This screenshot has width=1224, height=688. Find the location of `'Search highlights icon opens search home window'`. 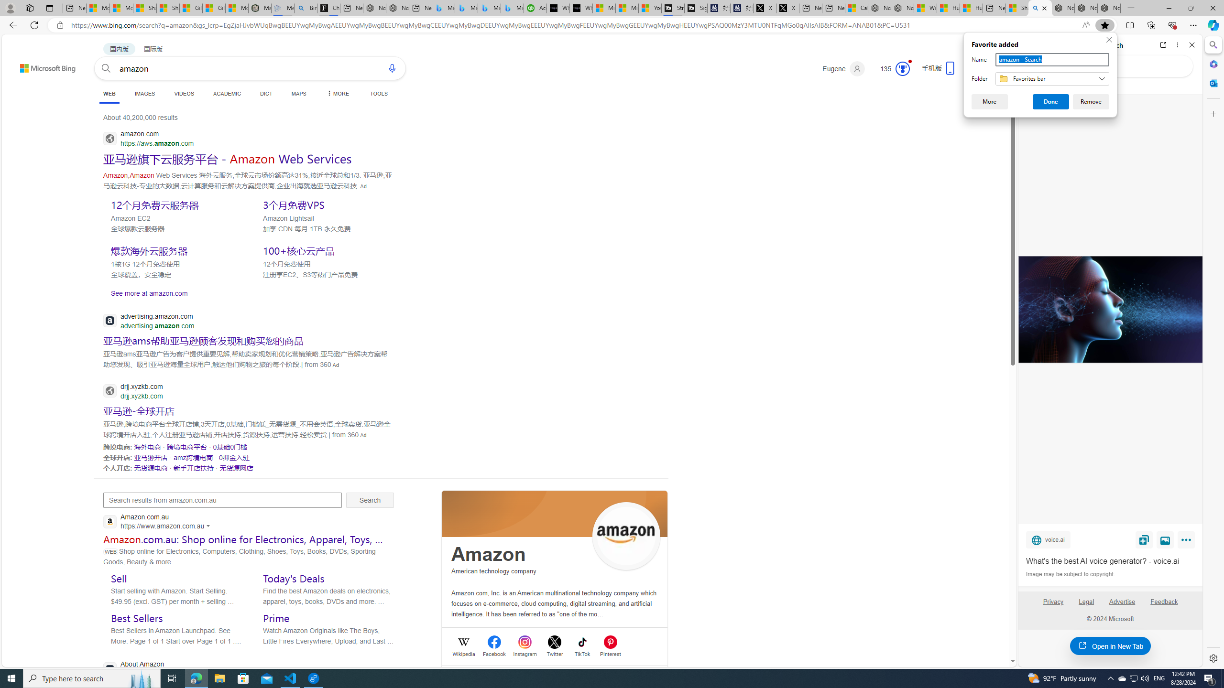

'Search highlights icon opens search home window' is located at coordinates (141, 677).